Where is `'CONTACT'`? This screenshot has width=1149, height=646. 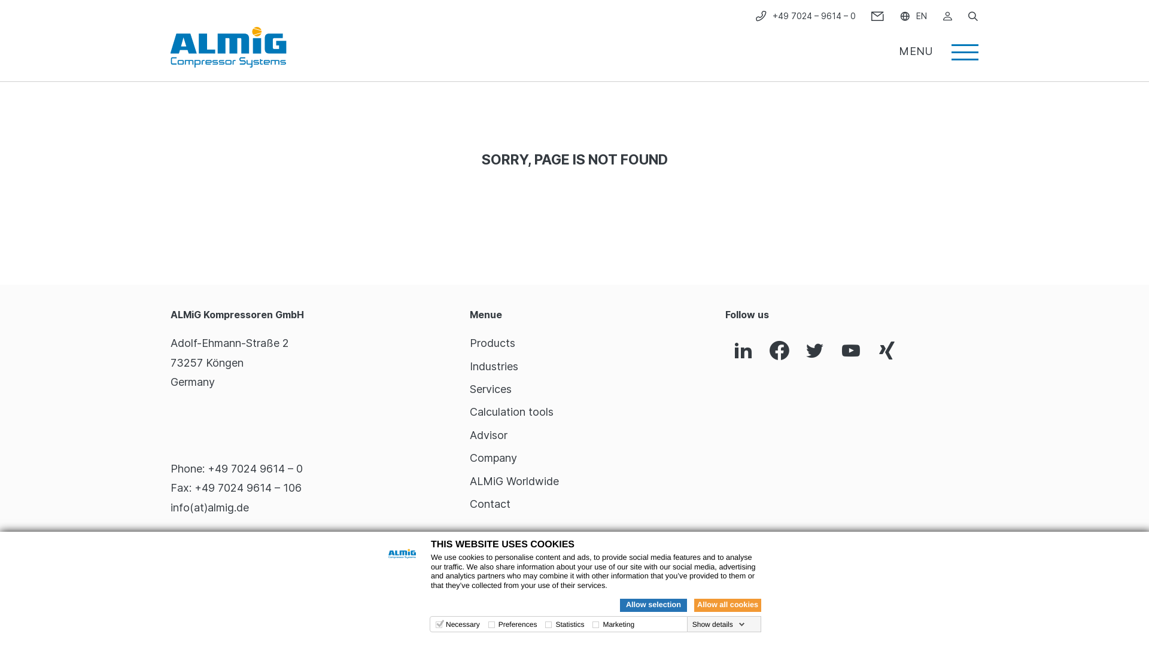
'CONTACT' is located at coordinates (877, 16).